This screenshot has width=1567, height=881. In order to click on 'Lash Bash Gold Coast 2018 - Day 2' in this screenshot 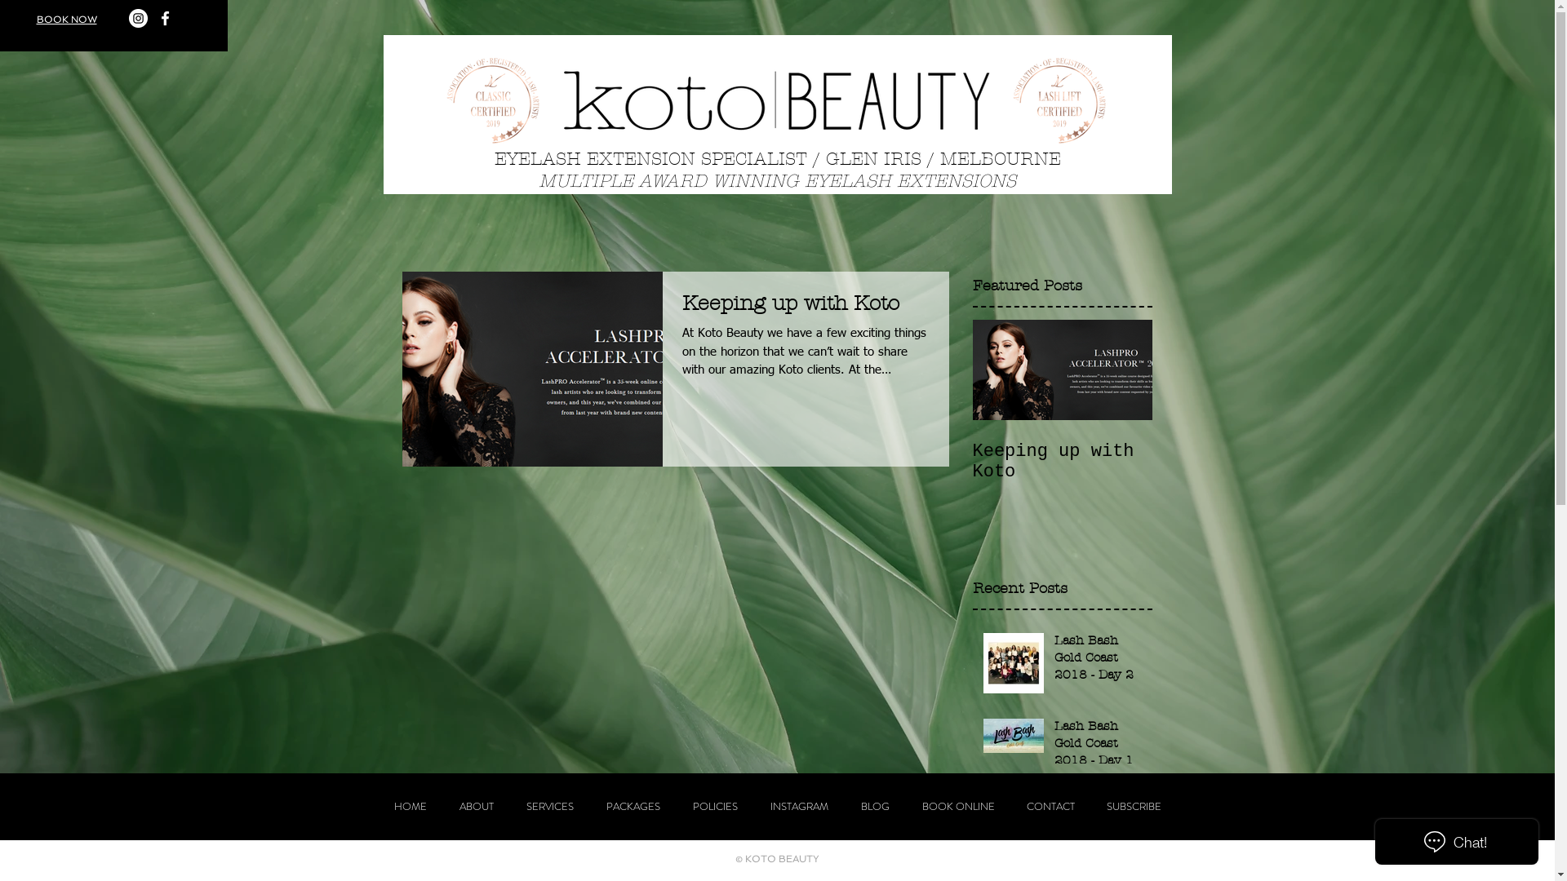, I will do `click(1054, 661)`.